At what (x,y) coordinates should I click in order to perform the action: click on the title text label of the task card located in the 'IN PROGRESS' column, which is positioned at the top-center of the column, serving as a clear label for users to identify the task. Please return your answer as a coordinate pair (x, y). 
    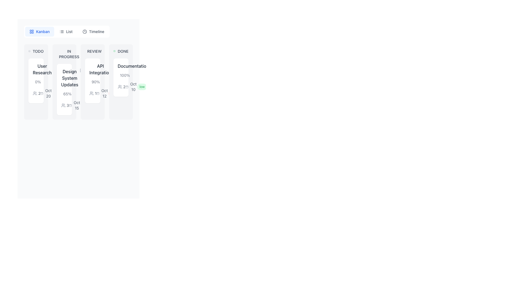
    Looking at the image, I should click on (69, 78).